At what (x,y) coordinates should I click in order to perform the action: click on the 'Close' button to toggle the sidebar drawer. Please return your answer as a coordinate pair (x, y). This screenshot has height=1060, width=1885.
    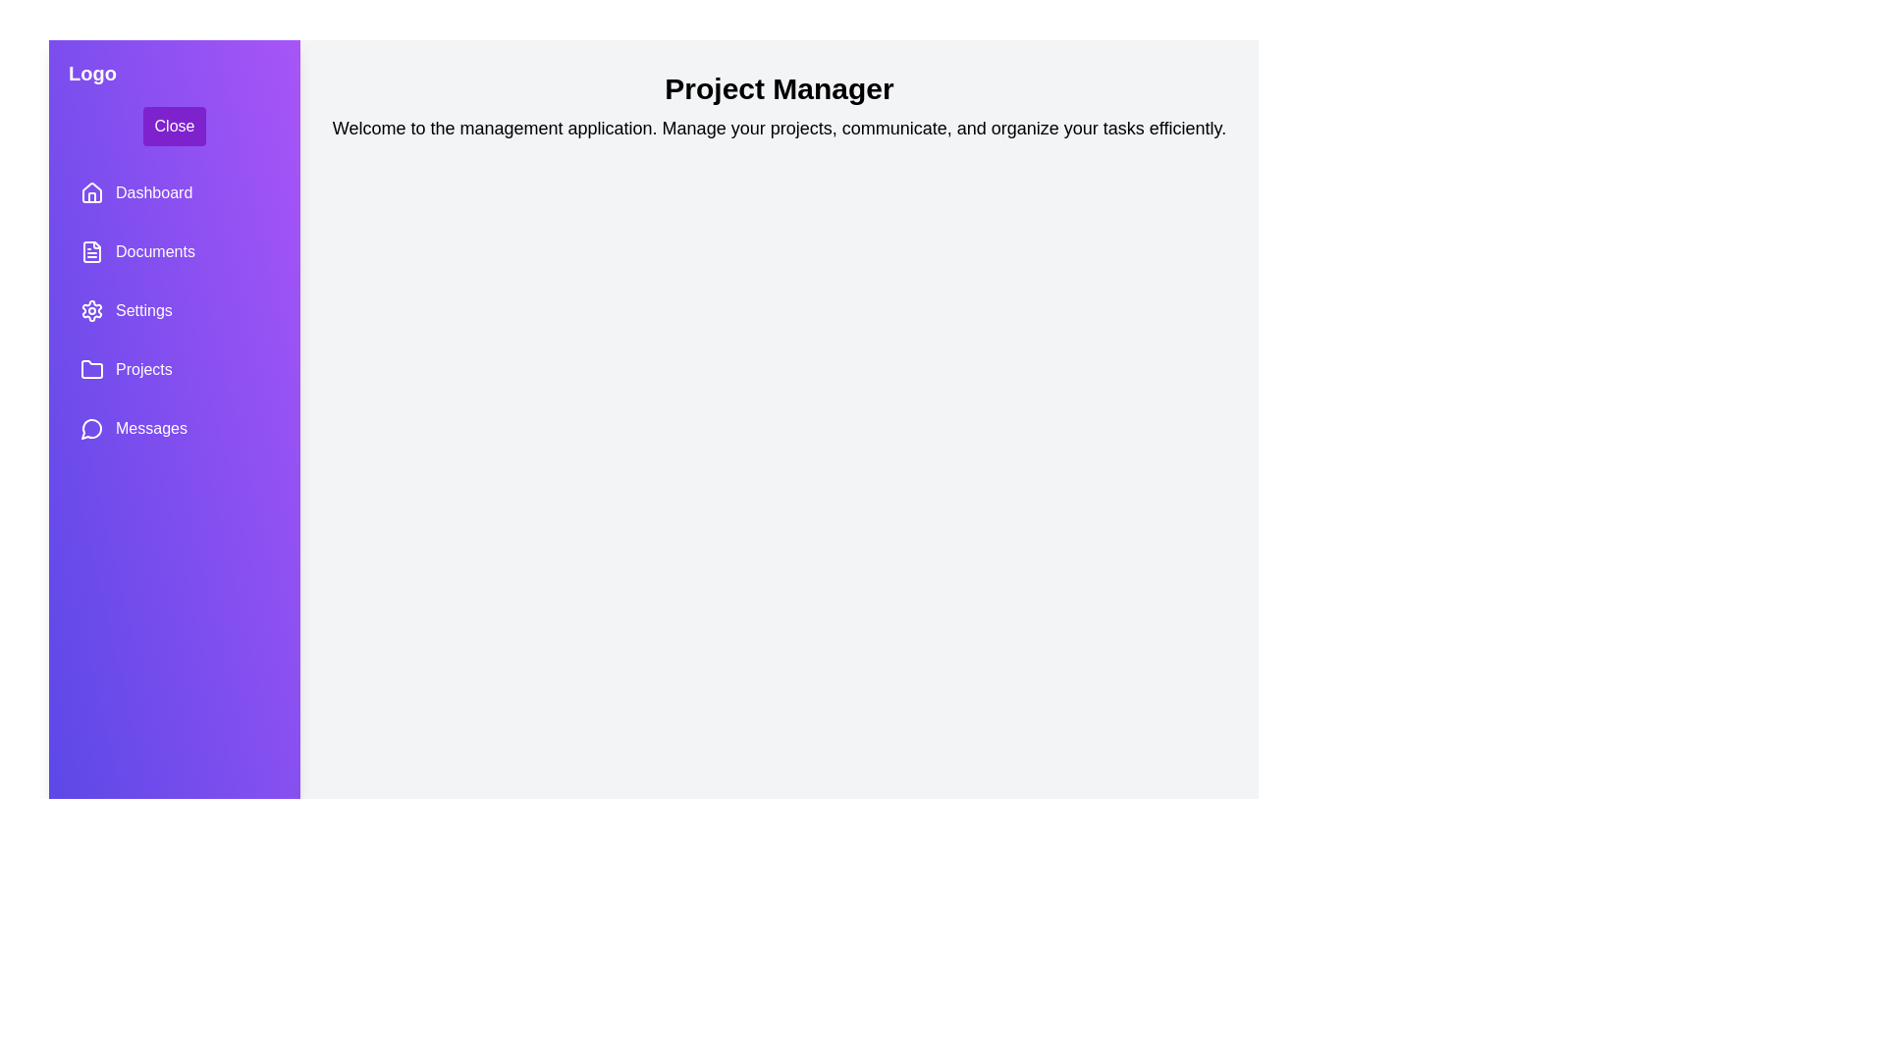
    Looking at the image, I should click on (174, 126).